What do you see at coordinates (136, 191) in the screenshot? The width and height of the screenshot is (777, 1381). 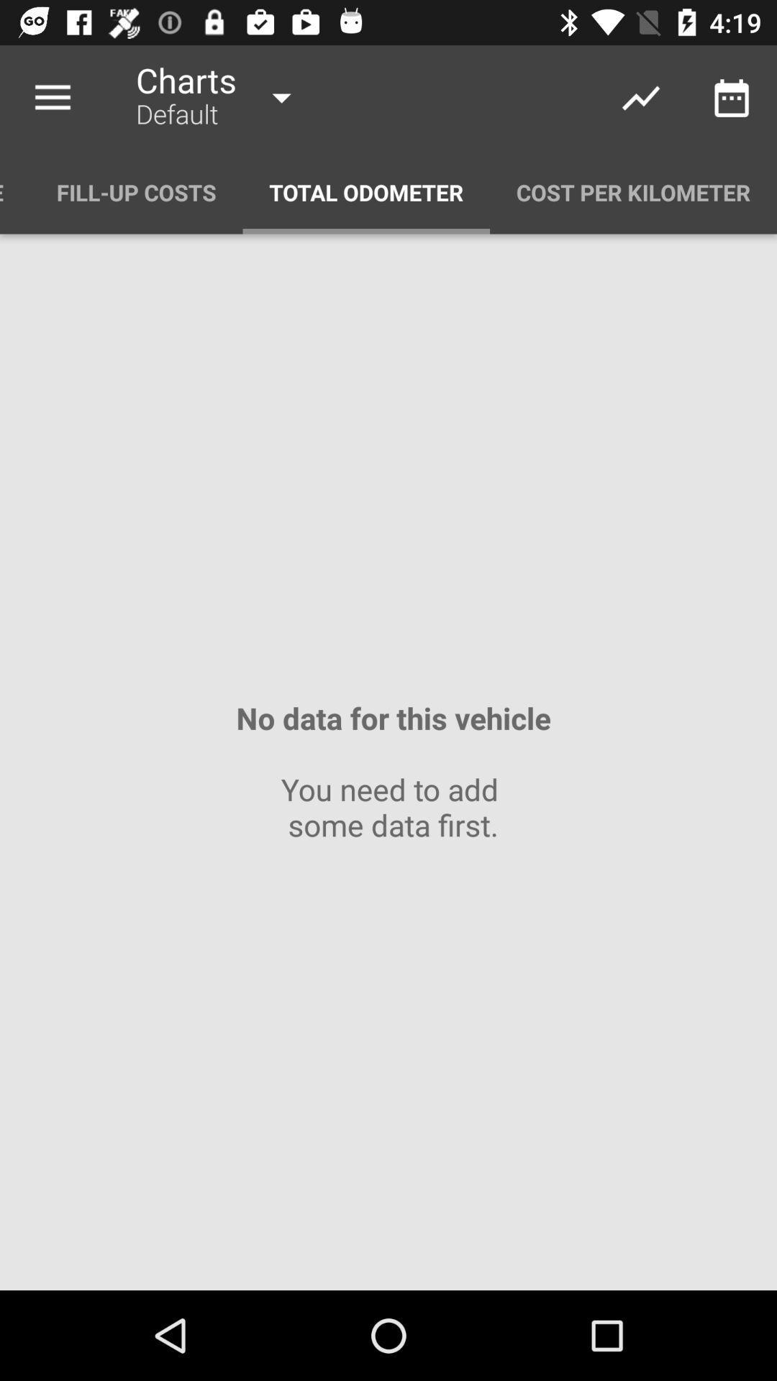 I see `fill-up costs` at bounding box center [136, 191].